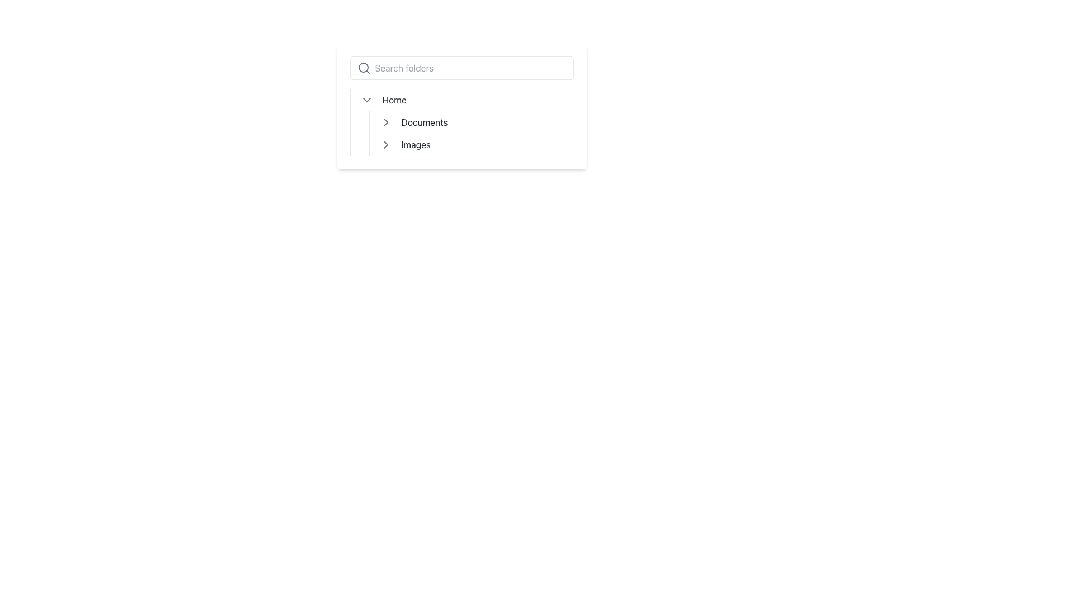  I want to click on the chevron icon next to the 'Documents' label, so click(385, 122).